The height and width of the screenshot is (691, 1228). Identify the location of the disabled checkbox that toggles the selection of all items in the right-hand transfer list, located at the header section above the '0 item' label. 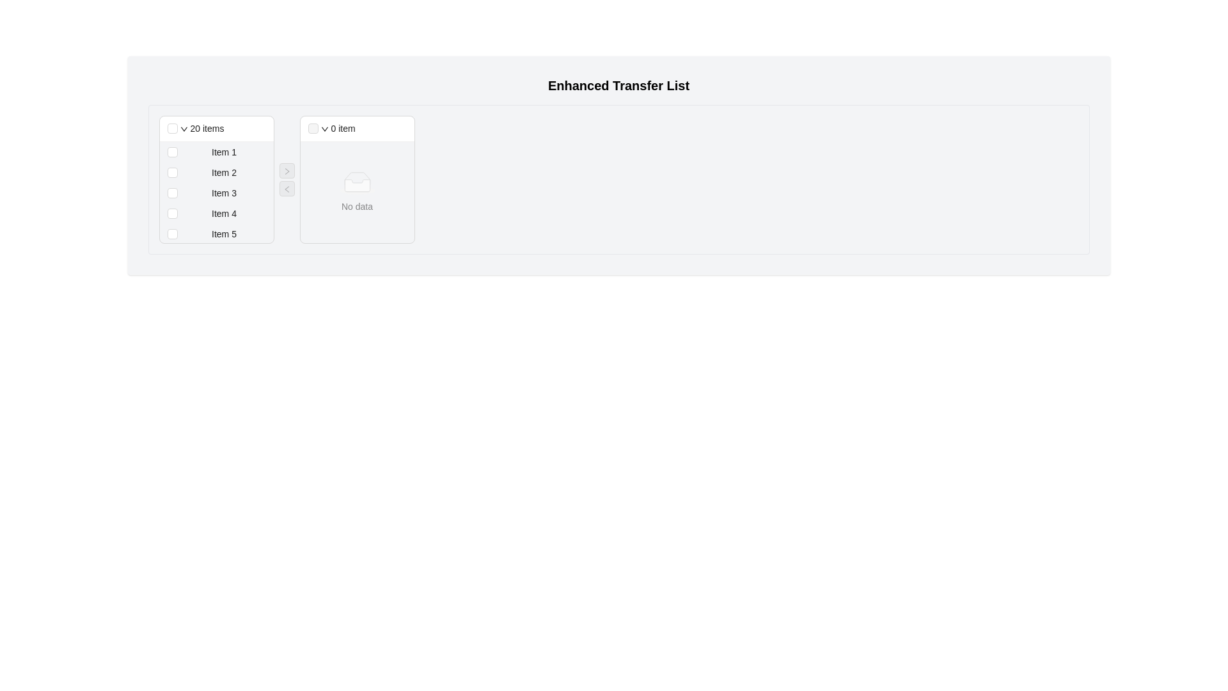
(313, 128).